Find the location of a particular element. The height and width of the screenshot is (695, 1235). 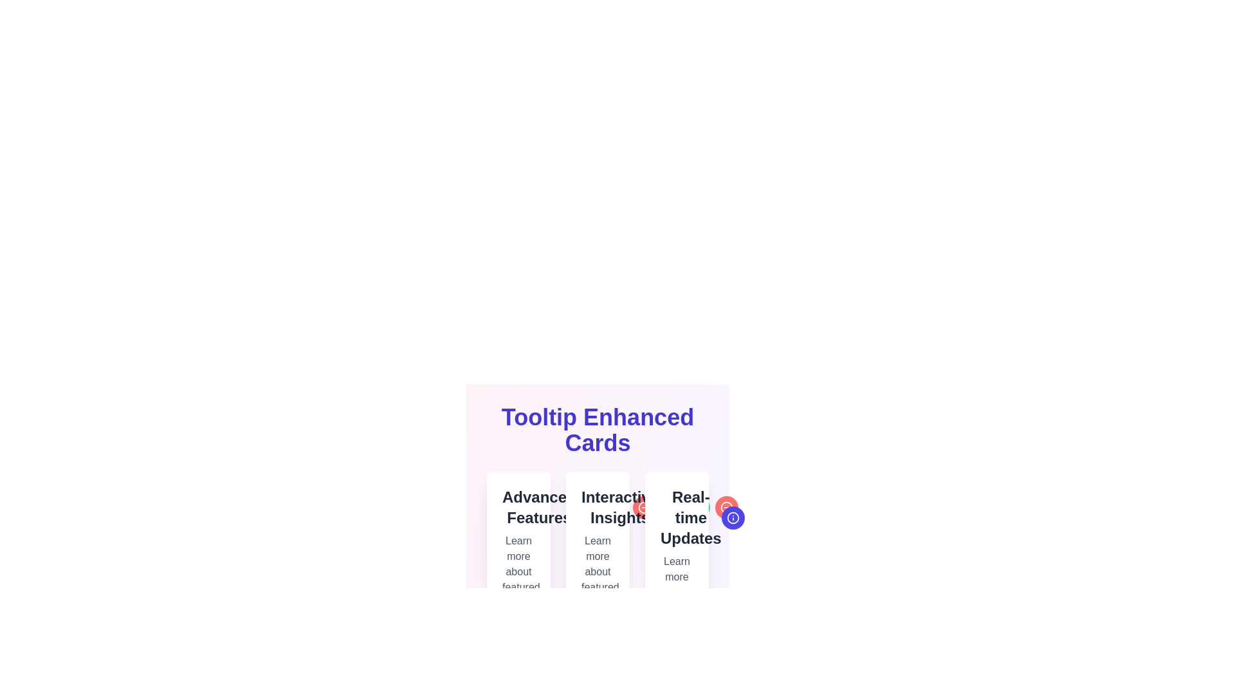

the red circular button with a white minus sign located at the top-right of the 'Interactive Insights' card under 'Tooltip Enhanced Cards' is located at coordinates (644, 507).